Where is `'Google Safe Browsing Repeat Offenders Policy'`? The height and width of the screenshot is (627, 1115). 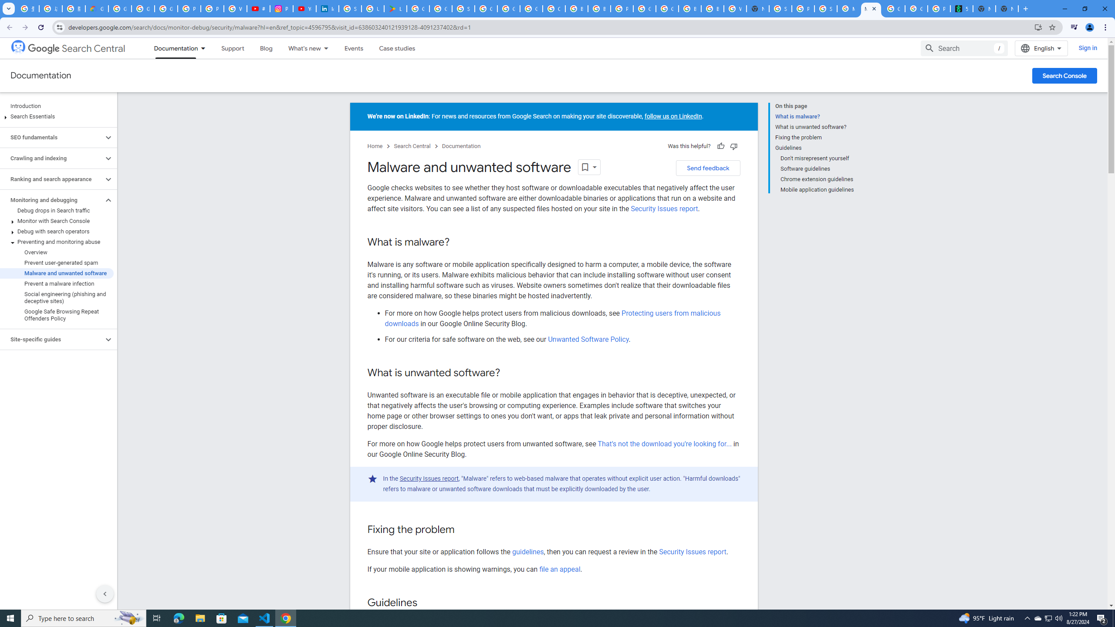 'Google Safe Browsing Repeat Offenders Policy' is located at coordinates (57, 315).